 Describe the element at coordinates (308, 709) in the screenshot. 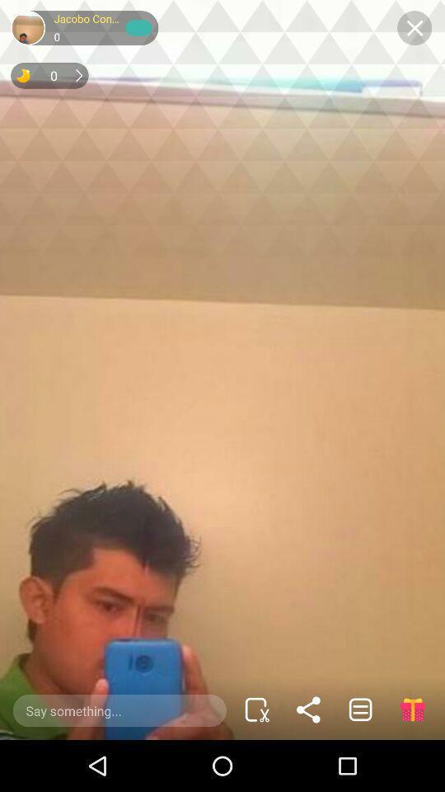

I see `the share icon` at that location.